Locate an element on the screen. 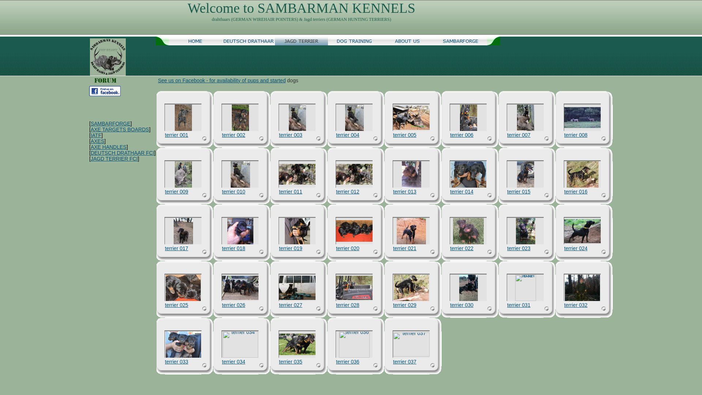  'terrier 017' is located at coordinates (177, 248).